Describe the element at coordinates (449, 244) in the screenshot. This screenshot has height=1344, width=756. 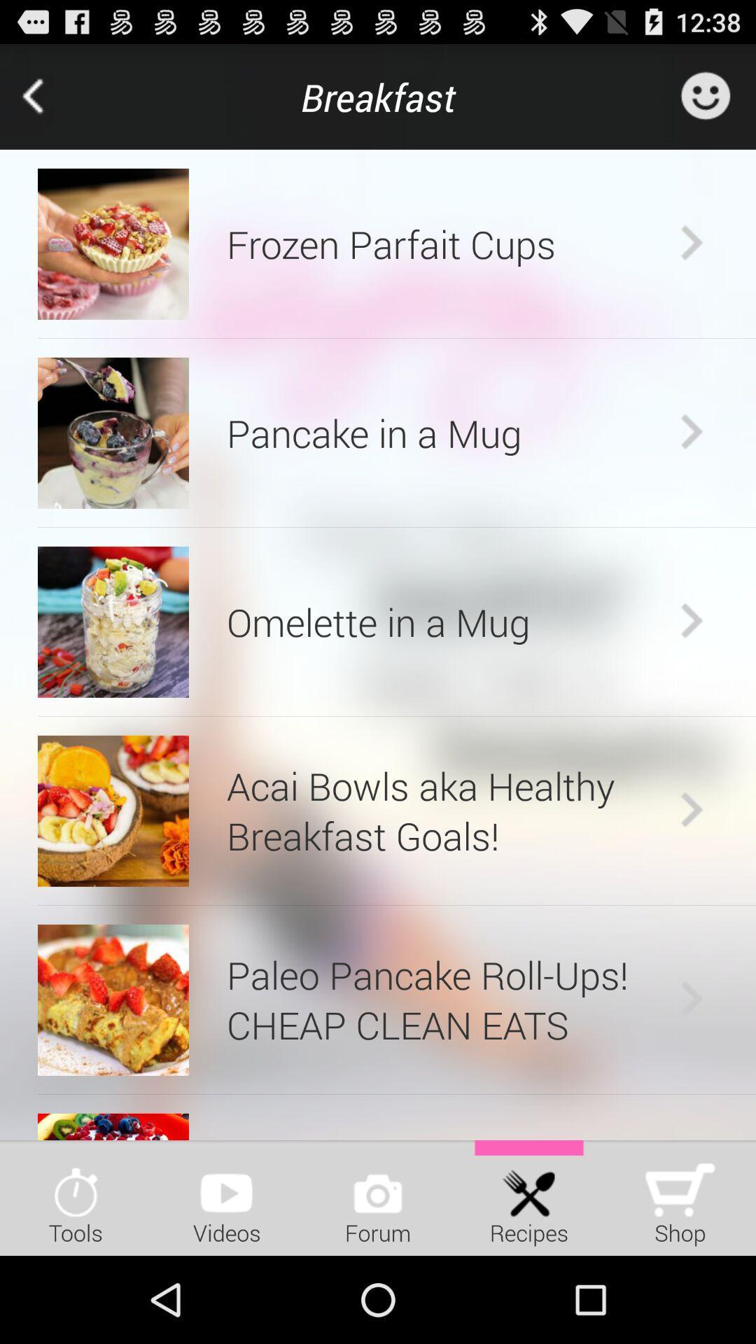
I see `frozen parfait cups app` at that location.